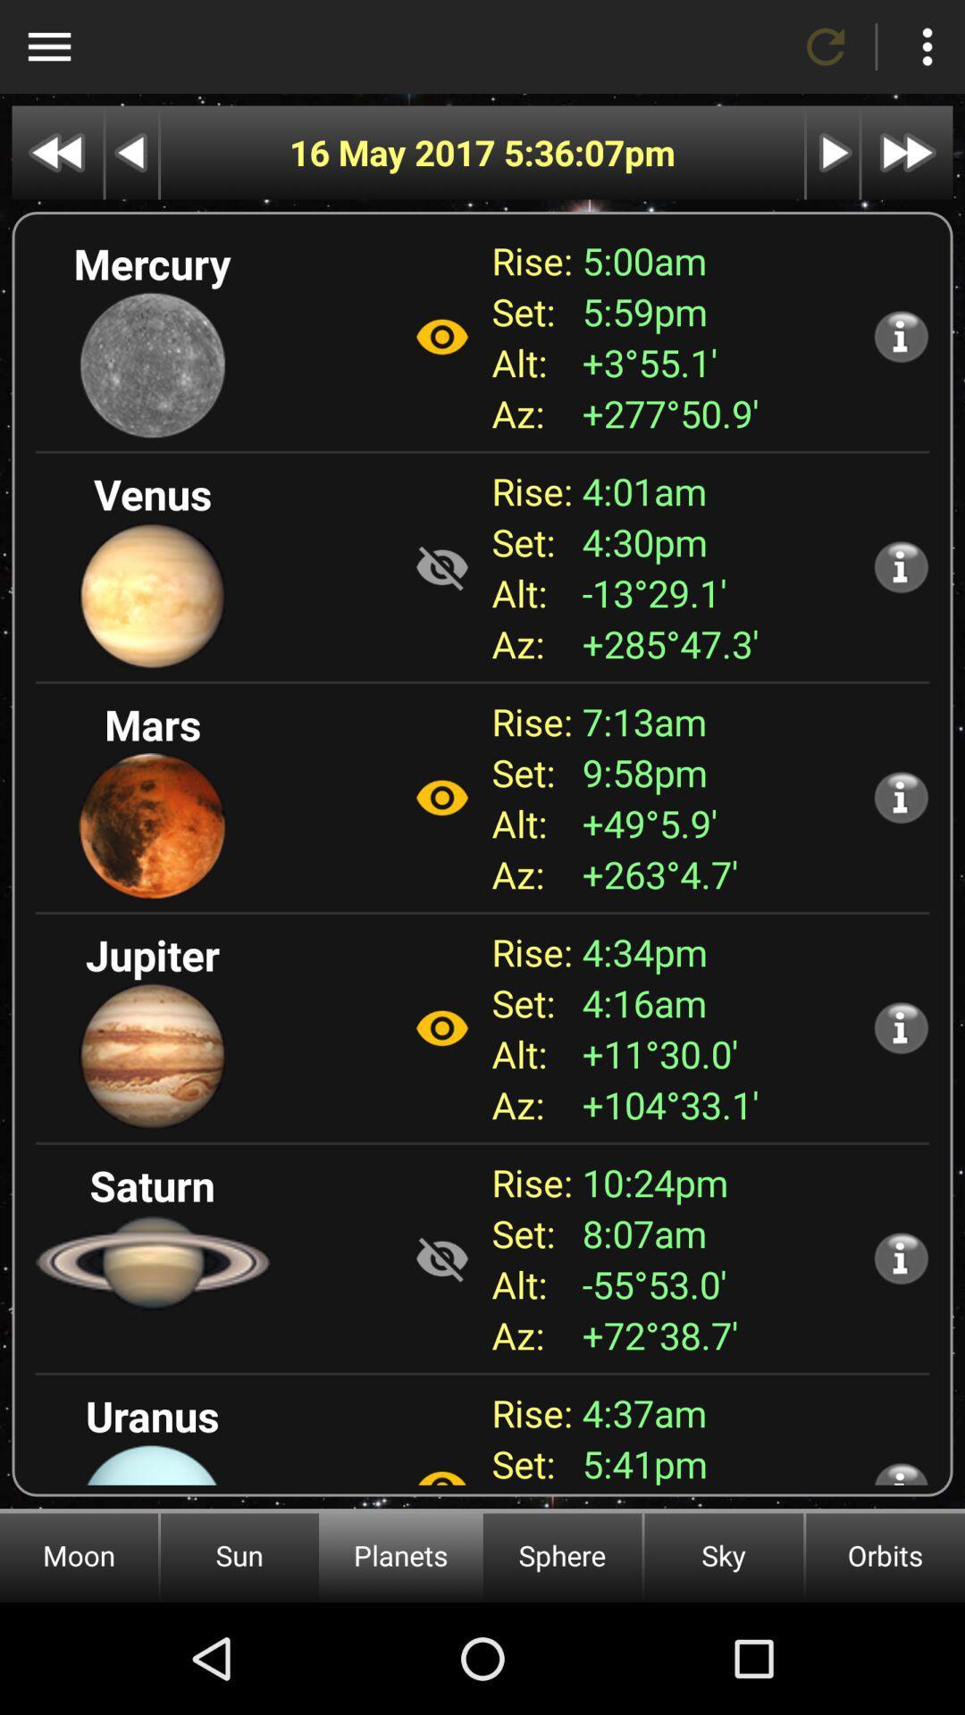 The height and width of the screenshot is (1715, 965). What do you see at coordinates (901, 336) in the screenshot?
I see `know instruction` at bounding box center [901, 336].